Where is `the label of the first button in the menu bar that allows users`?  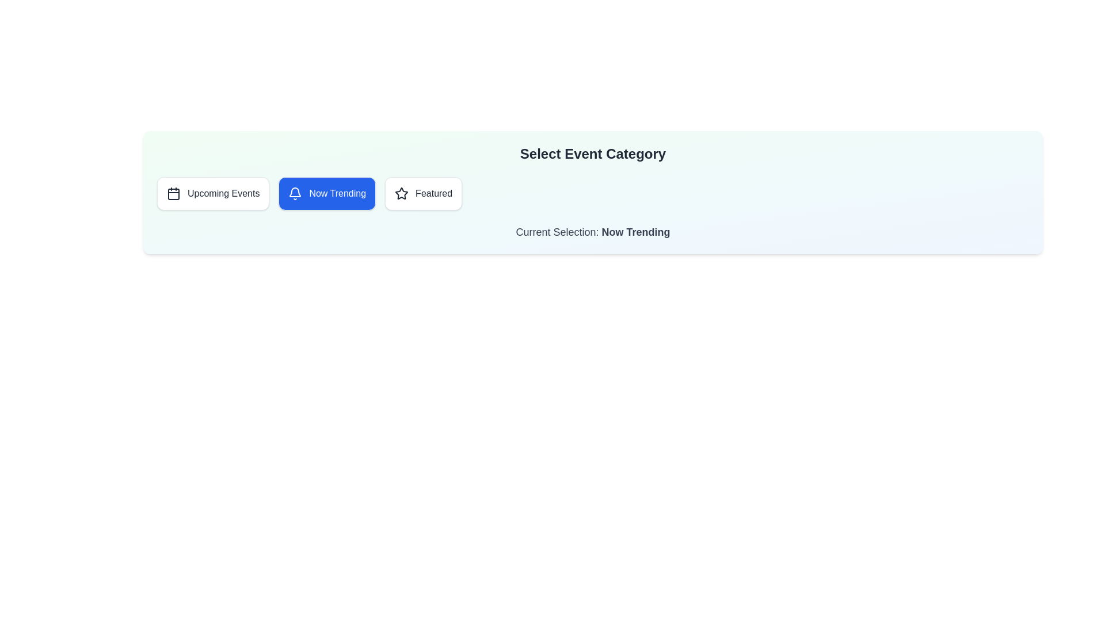
the label of the first button in the menu bar that allows users is located at coordinates (223, 193).